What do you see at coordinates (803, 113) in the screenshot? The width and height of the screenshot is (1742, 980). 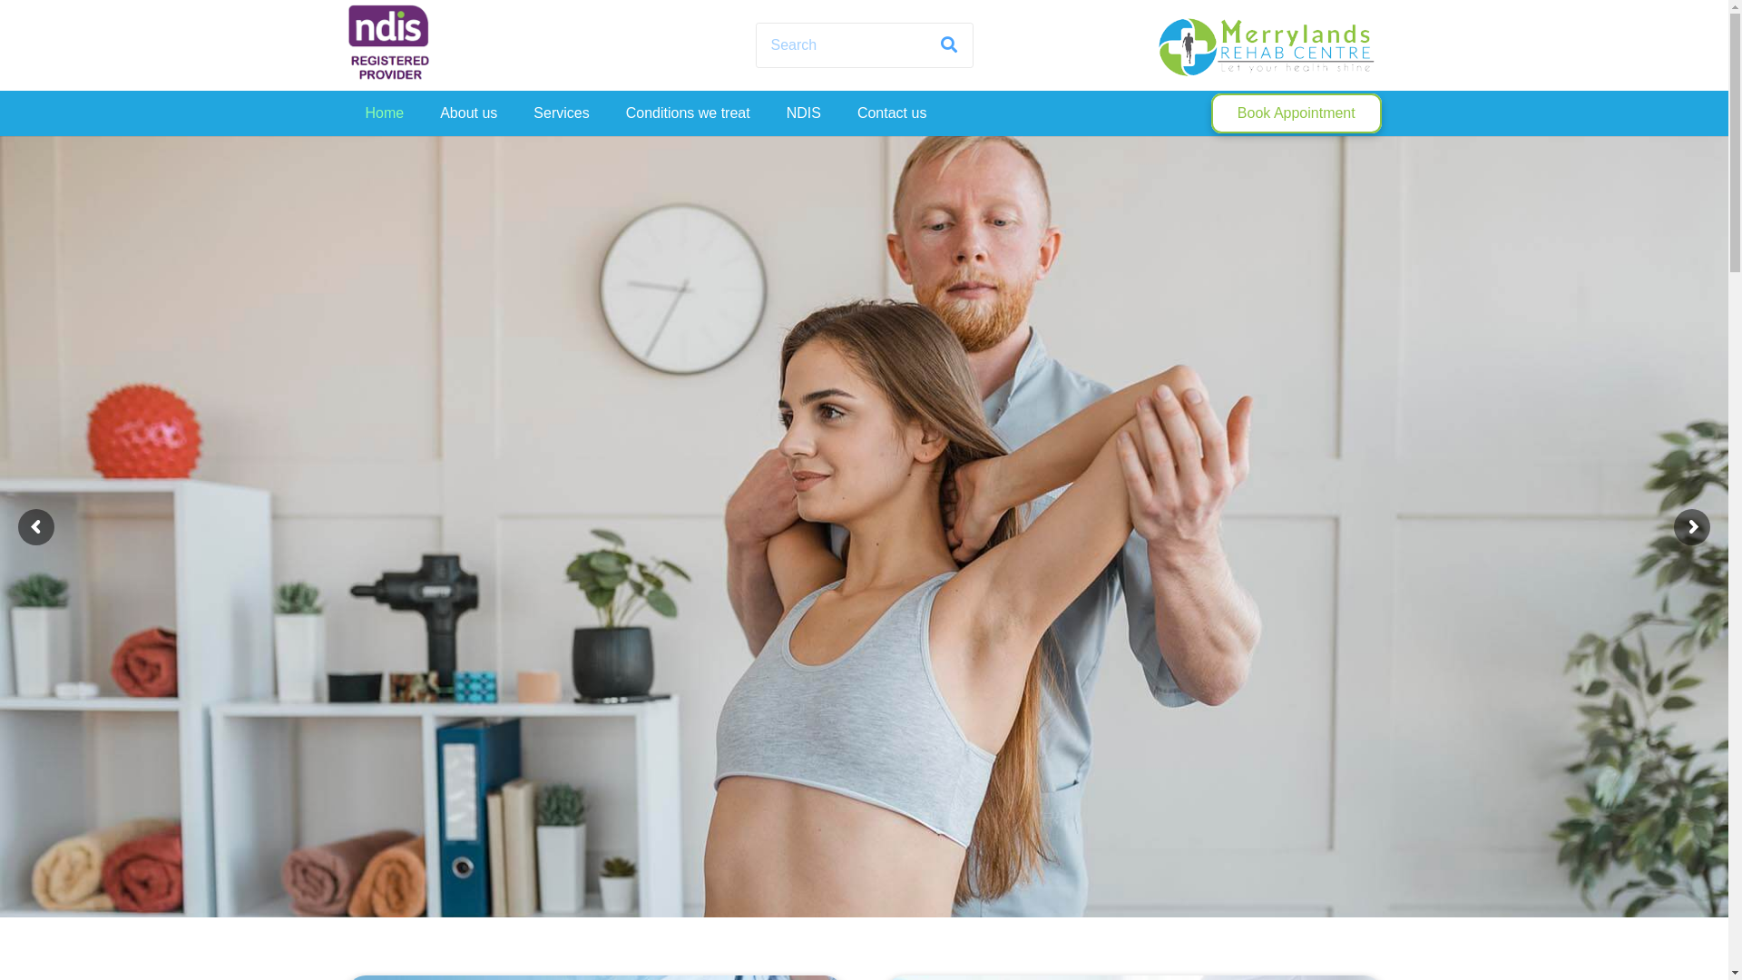 I see `'NDIS'` at bounding box center [803, 113].